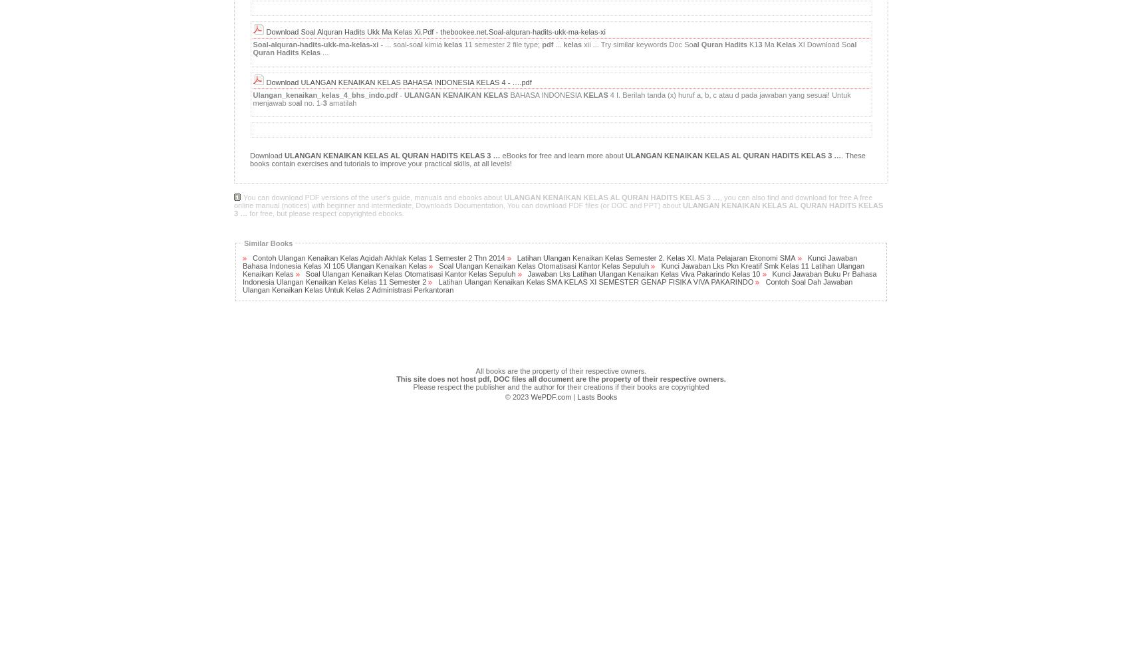  I want to click on 'This site does not host pdf, DOC files all document are the property of their respective owners.', so click(561, 378).